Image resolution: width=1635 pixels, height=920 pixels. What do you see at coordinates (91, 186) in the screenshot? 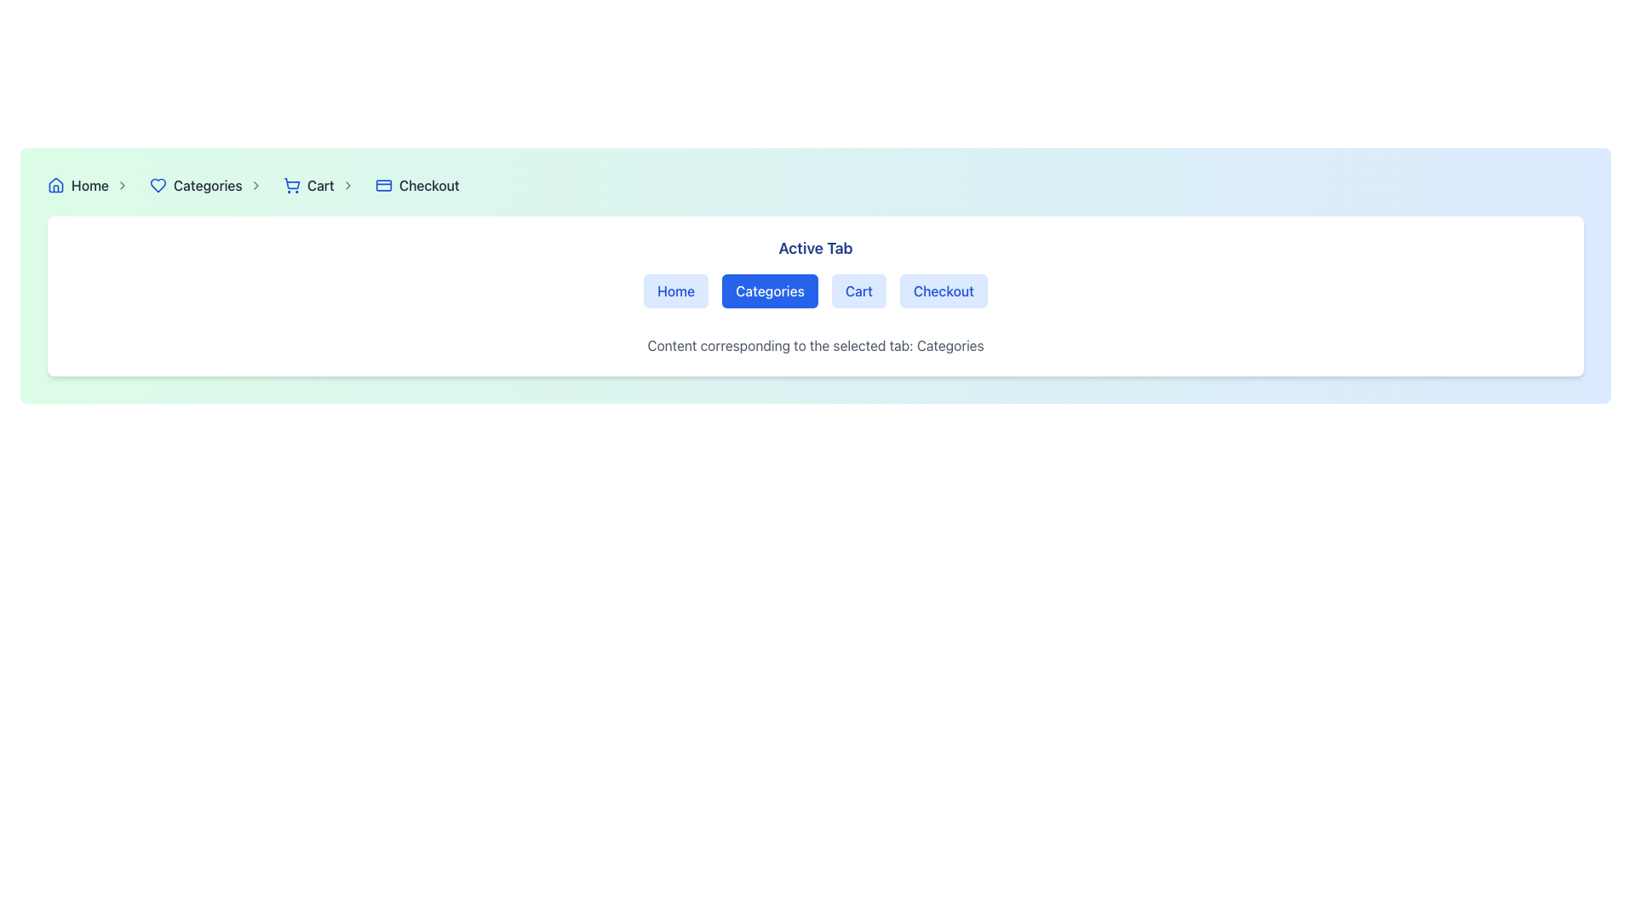
I see `the Breadcrumb link with an icon and text` at bounding box center [91, 186].